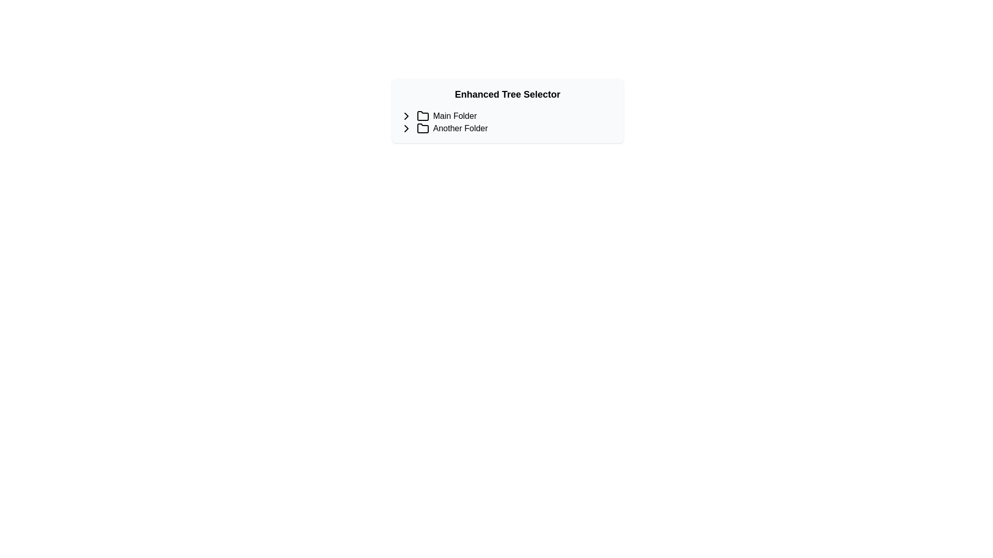 The image size is (993, 558). Describe the element at coordinates (423, 116) in the screenshot. I see `the folder icon styled as a simple line drawing located next to the text 'Main Folder'` at that location.